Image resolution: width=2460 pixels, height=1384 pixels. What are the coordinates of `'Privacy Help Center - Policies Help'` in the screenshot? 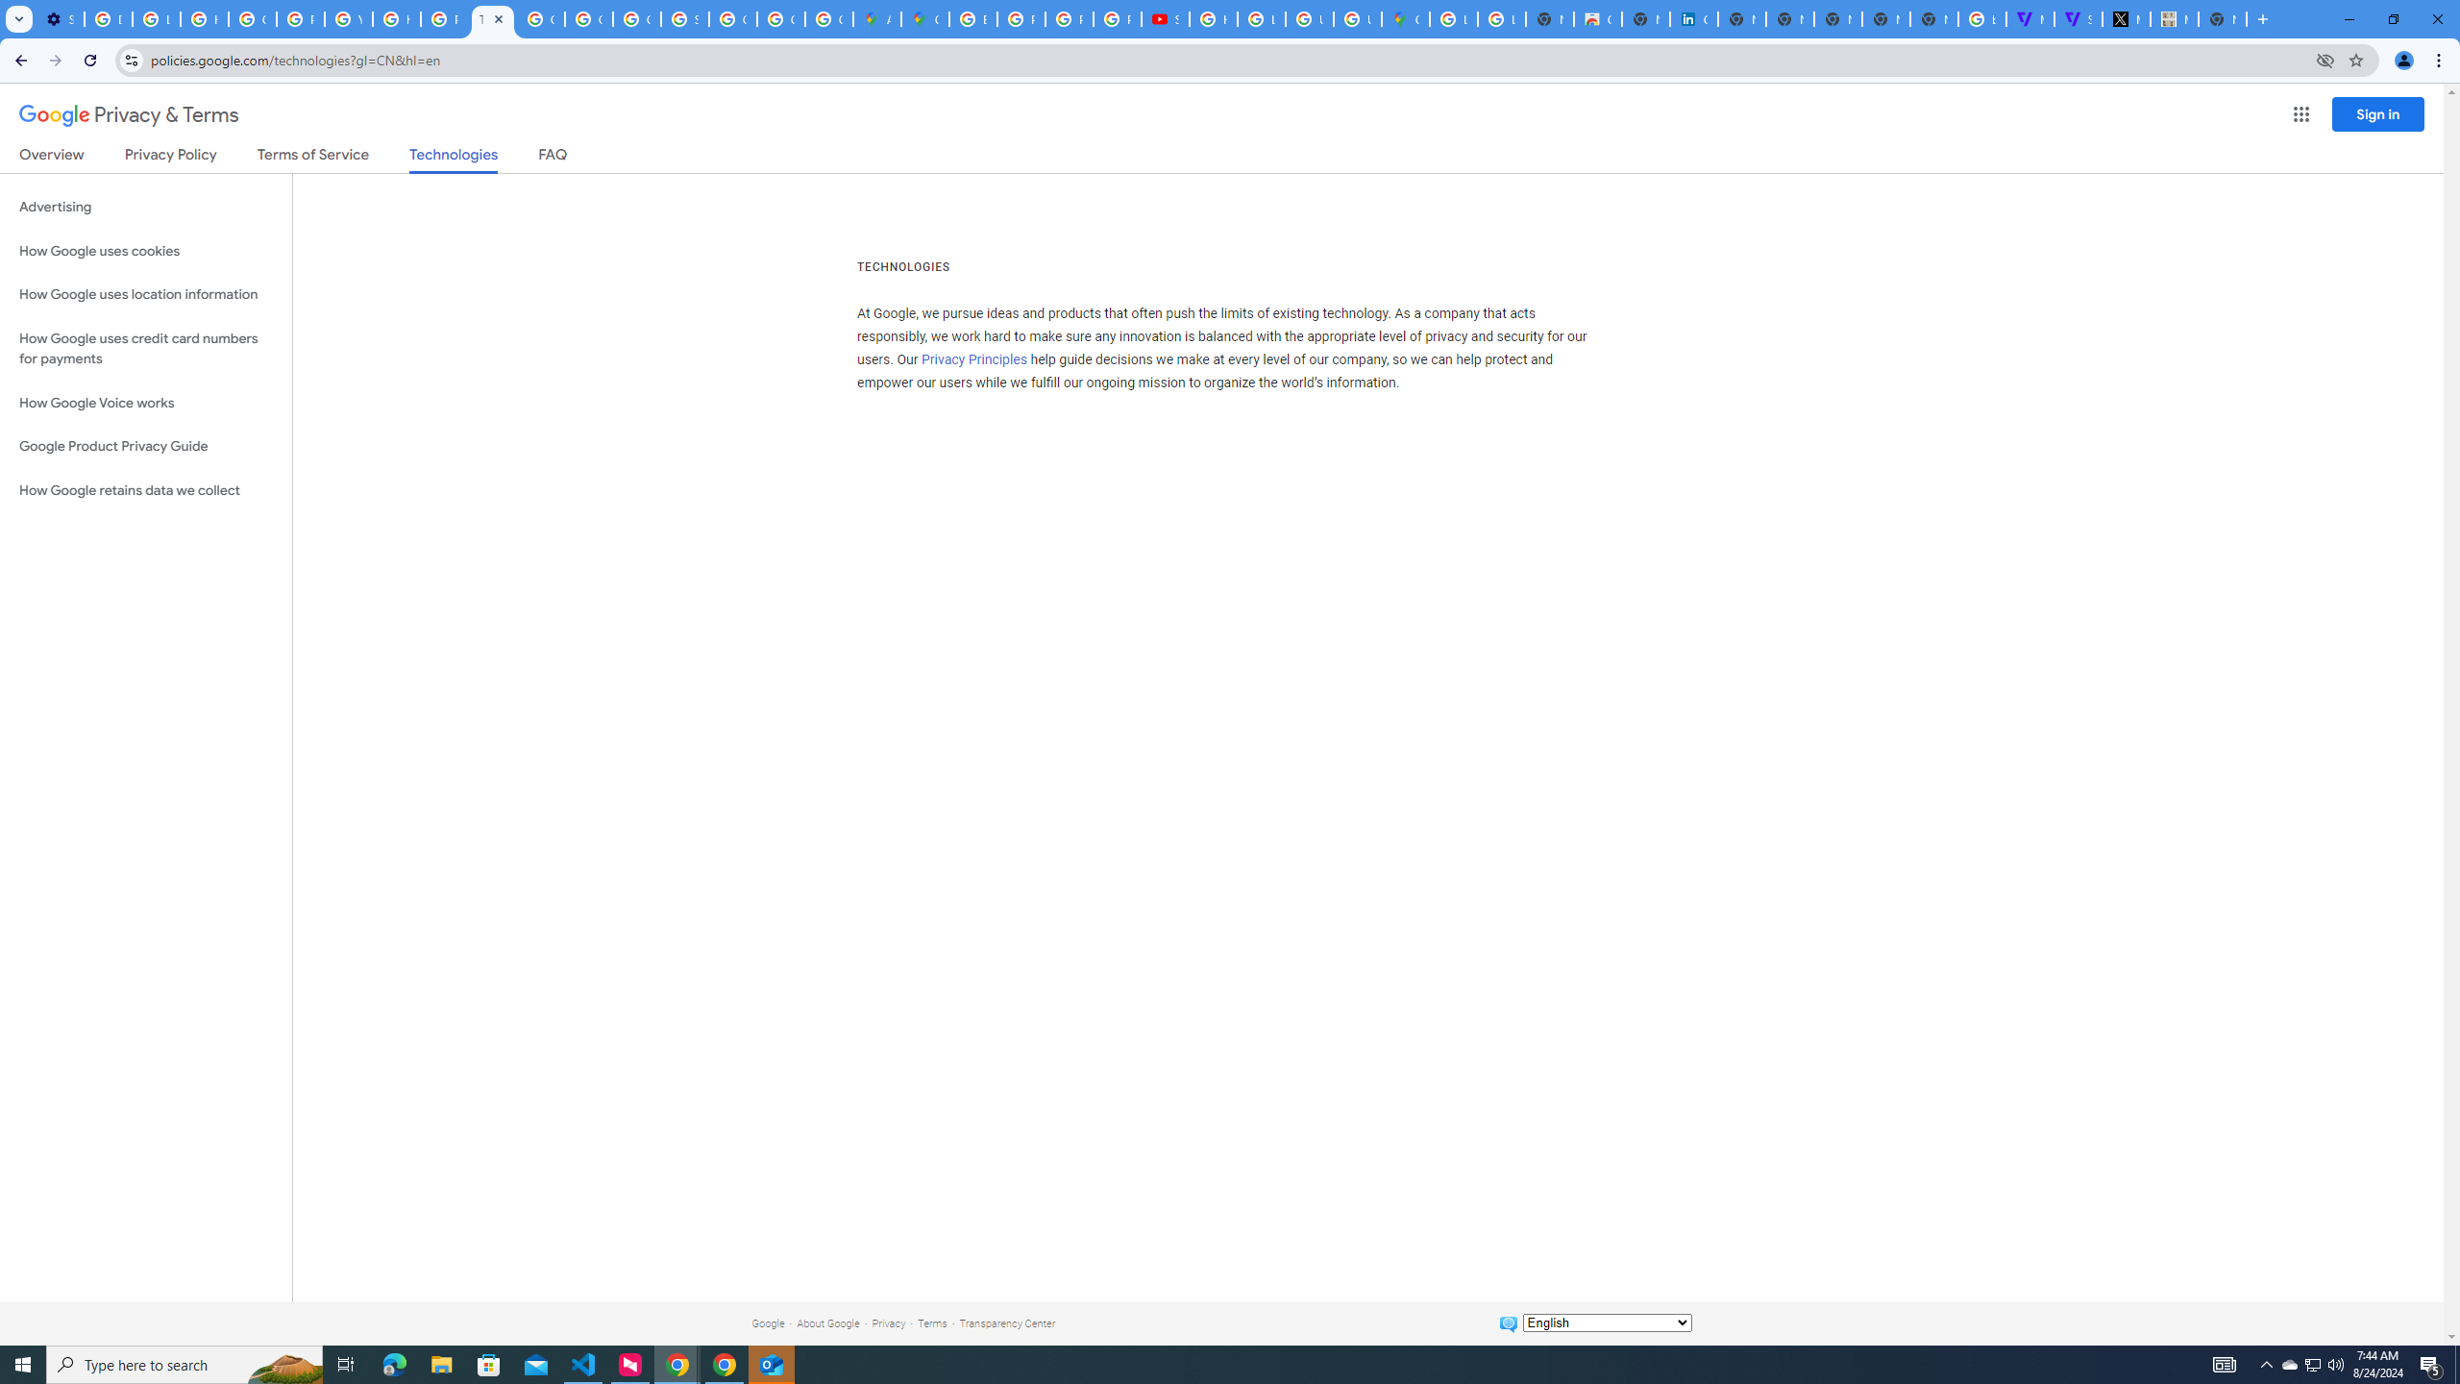 It's located at (1069, 18).